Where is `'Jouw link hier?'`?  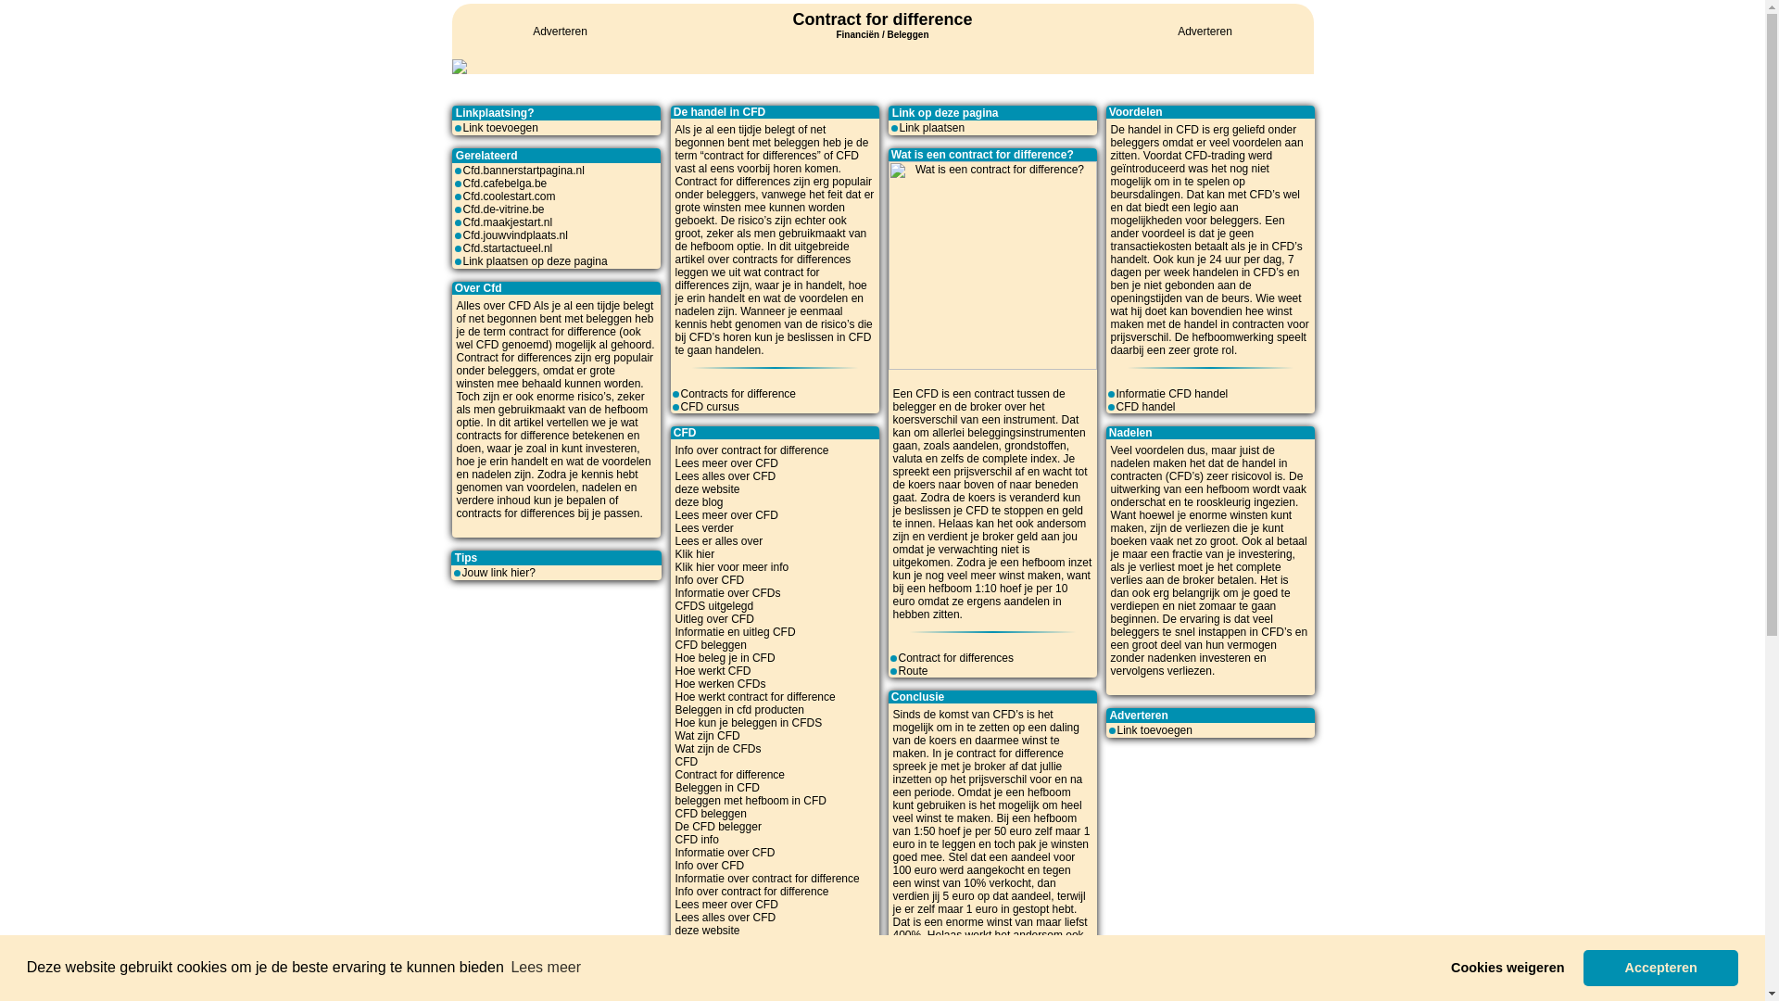
'Jouw link hier?' is located at coordinates (498, 571).